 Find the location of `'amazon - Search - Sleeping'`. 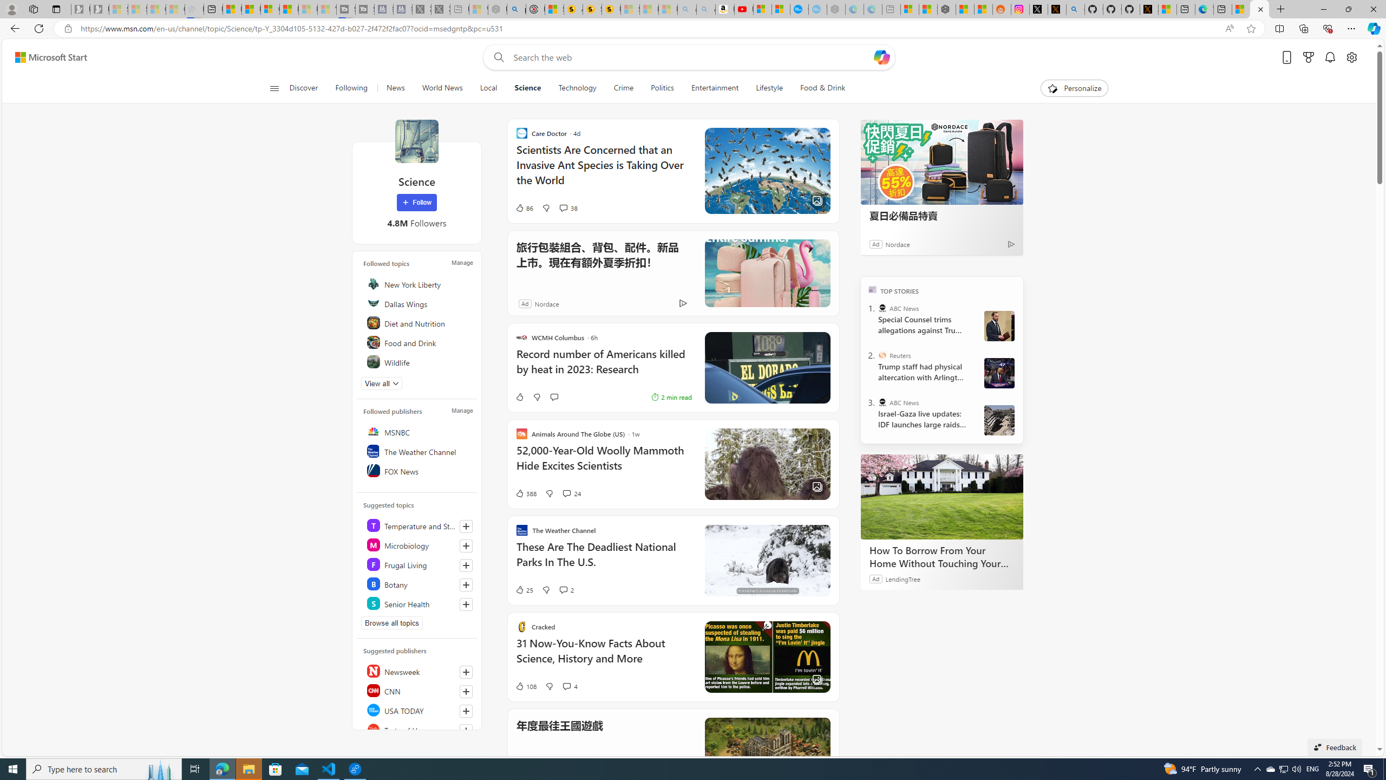

'amazon - Search - Sleeping' is located at coordinates (687, 9).